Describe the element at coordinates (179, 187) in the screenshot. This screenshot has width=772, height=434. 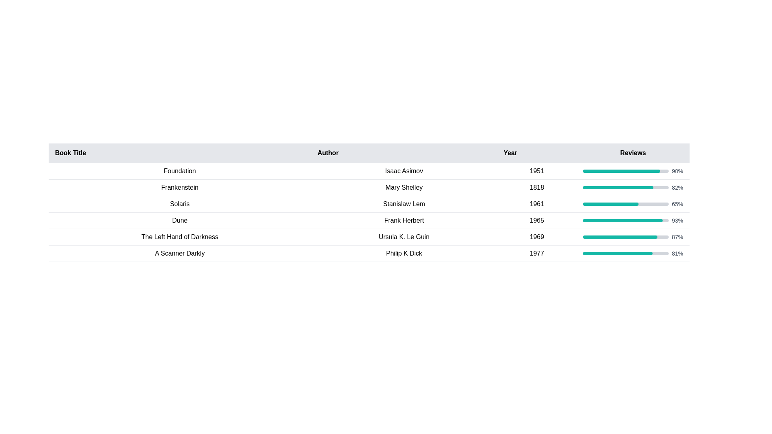
I see `the text element displaying 'Frankenstein' in the first column of the table under the 'Book Title' label` at that location.